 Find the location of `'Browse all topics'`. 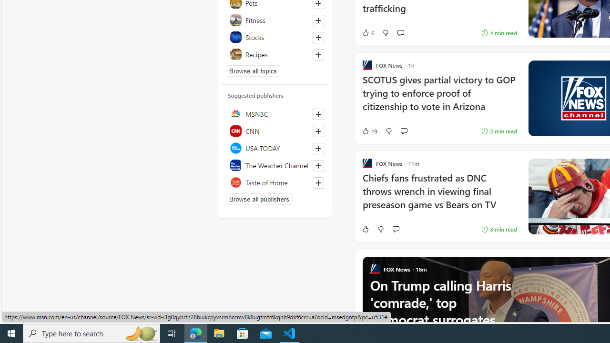

'Browse all topics' is located at coordinates (253, 71).